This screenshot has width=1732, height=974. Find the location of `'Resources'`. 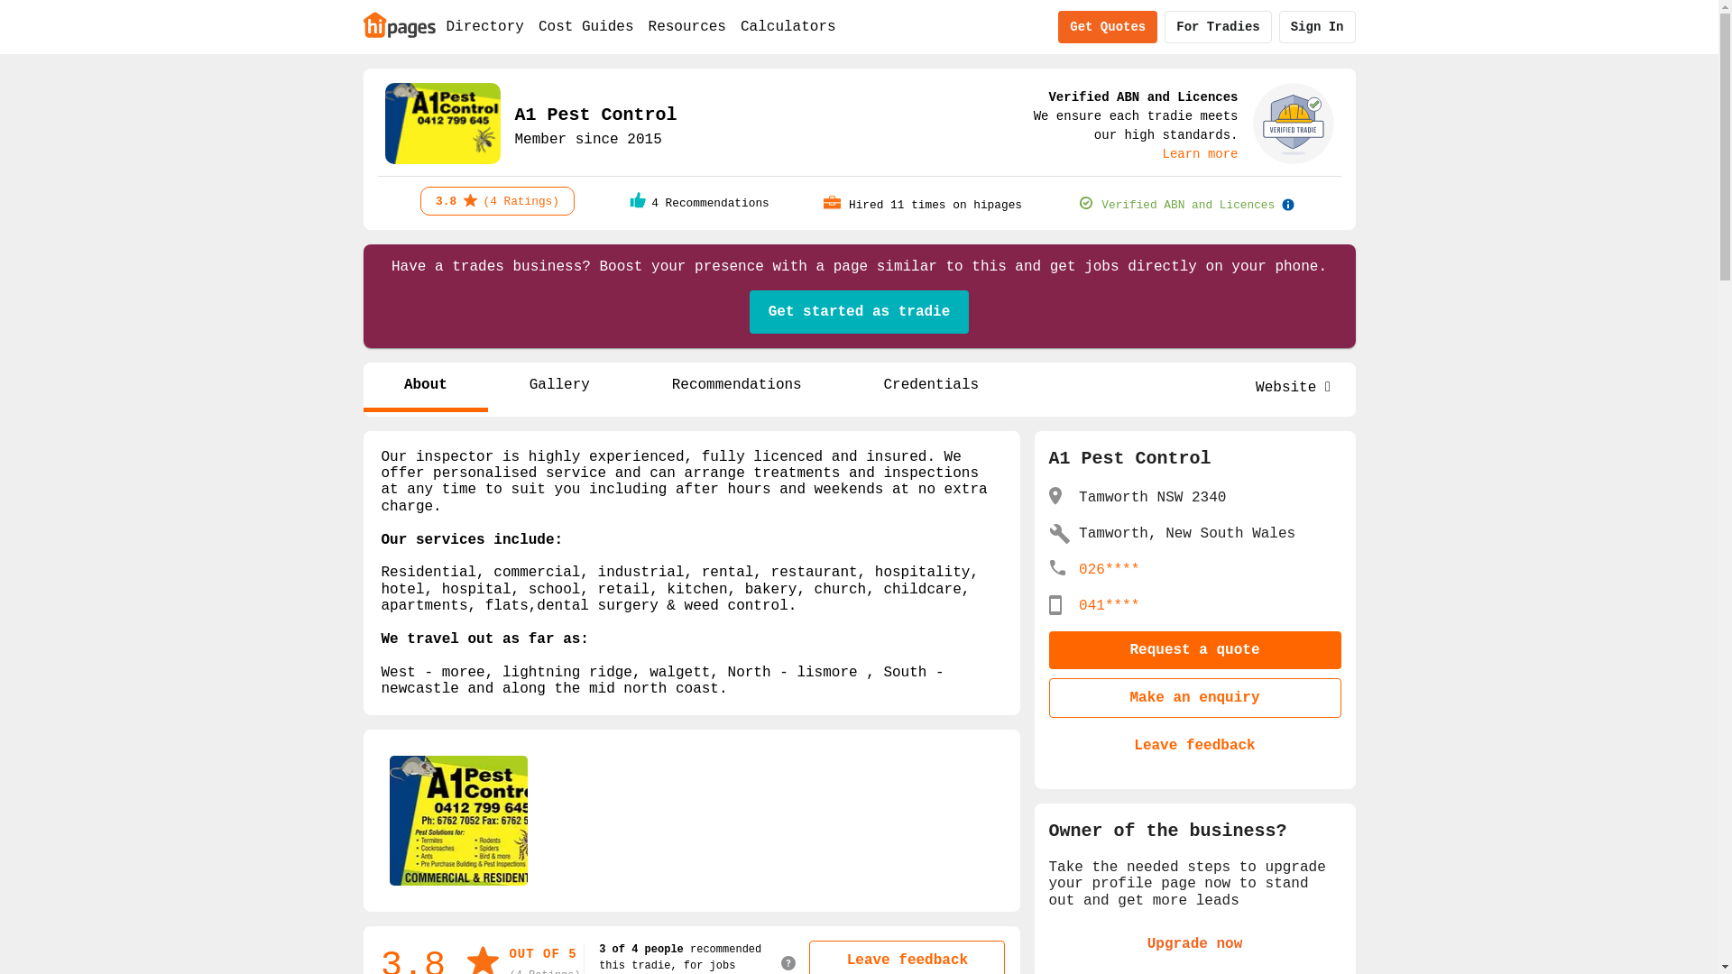

'Resources' is located at coordinates (686, 27).